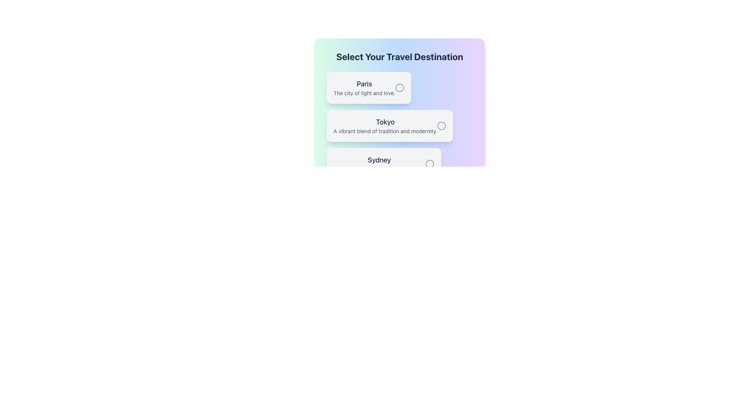 The height and width of the screenshot is (411, 731). What do you see at coordinates (429, 164) in the screenshot?
I see `the inner circle of the radio button for the 'Sydney' travel option` at bounding box center [429, 164].